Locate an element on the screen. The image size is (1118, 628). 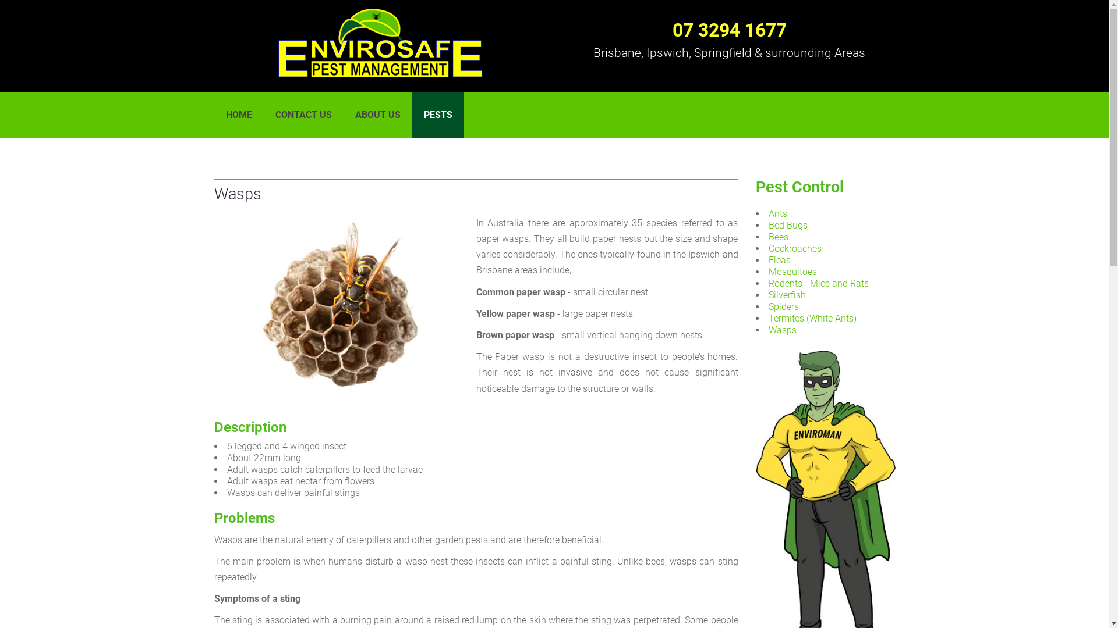
'Fleas' is located at coordinates (780, 259).